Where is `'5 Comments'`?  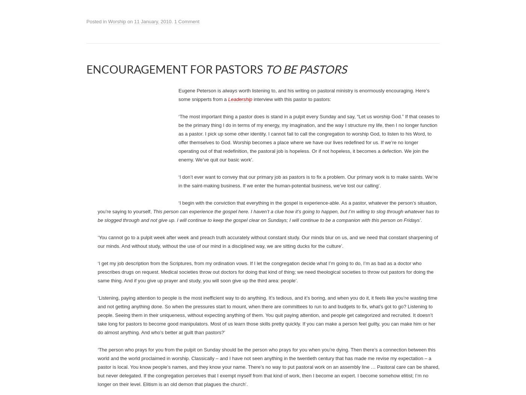 '5 Comments' is located at coordinates (246, 152).